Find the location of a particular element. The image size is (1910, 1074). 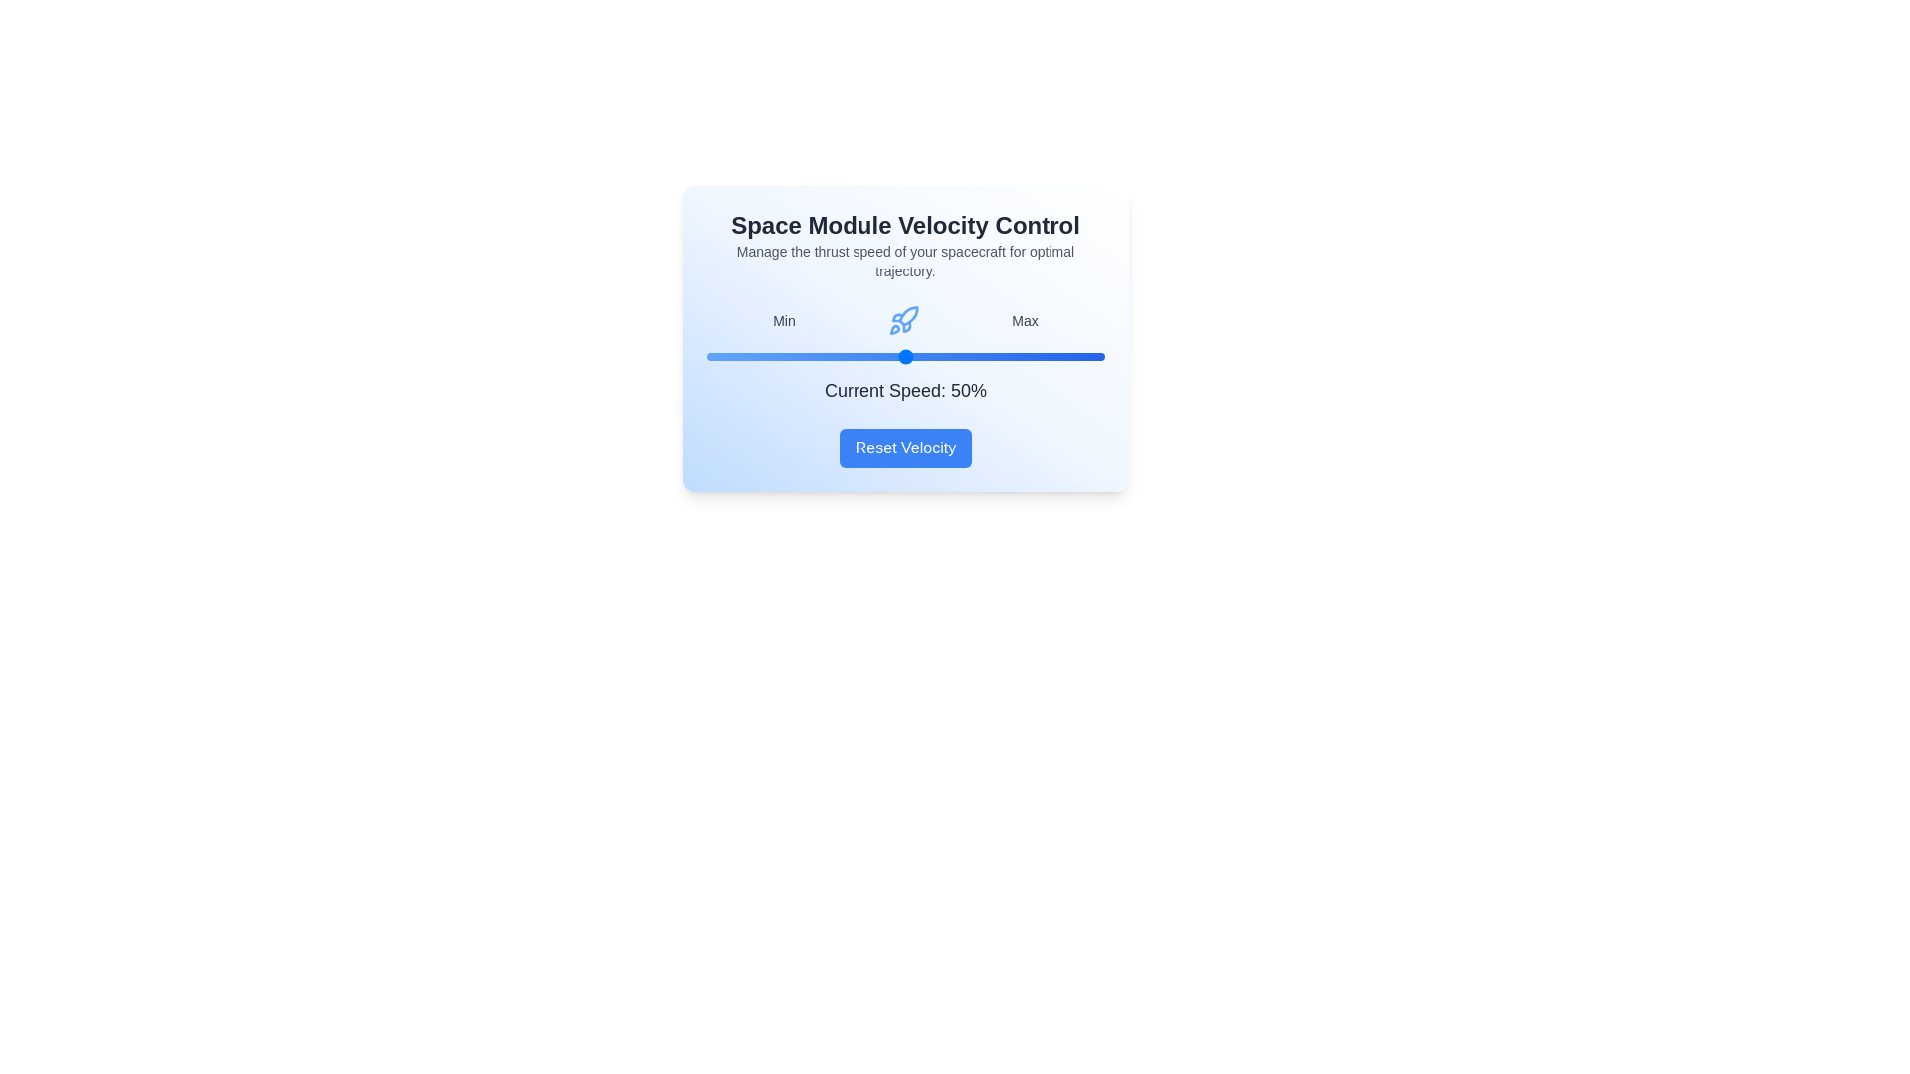

'Reset Velocity' button to reset the speed to its default value is located at coordinates (904, 448).